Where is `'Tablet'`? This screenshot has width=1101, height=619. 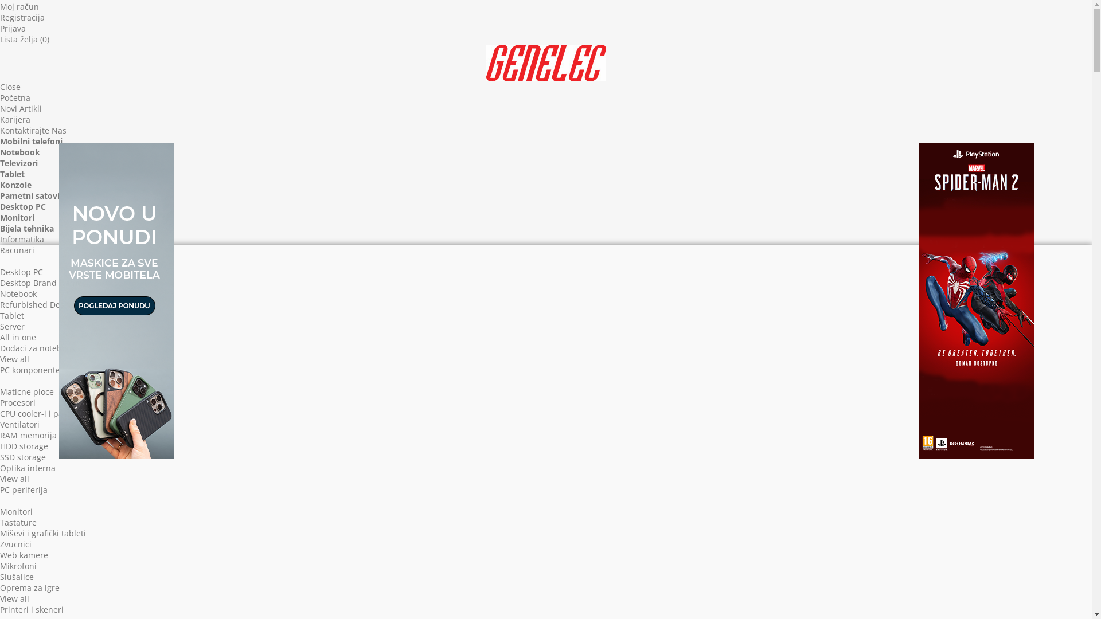
'Tablet' is located at coordinates (12, 174).